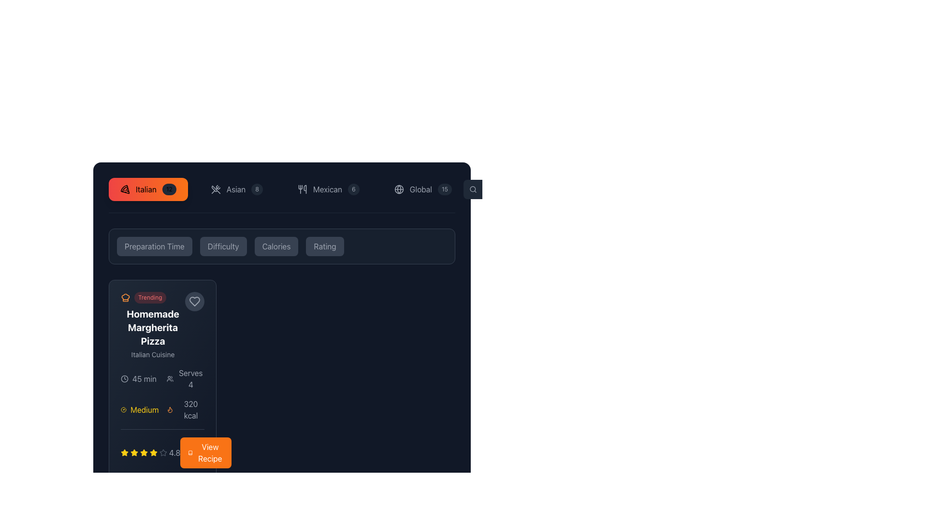 The height and width of the screenshot is (522, 928). What do you see at coordinates (124, 378) in the screenshot?
I see `the circular clock icon with a dark outline located in the upper-left area of the recipe card for 'Homemade Margherita Pizza'` at bounding box center [124, 378].